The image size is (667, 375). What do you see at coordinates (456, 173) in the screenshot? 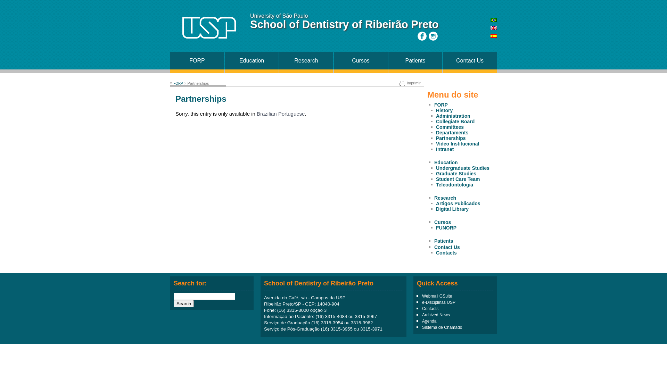
I see `'Graduate Studies'` at bounding box center [456, 173].